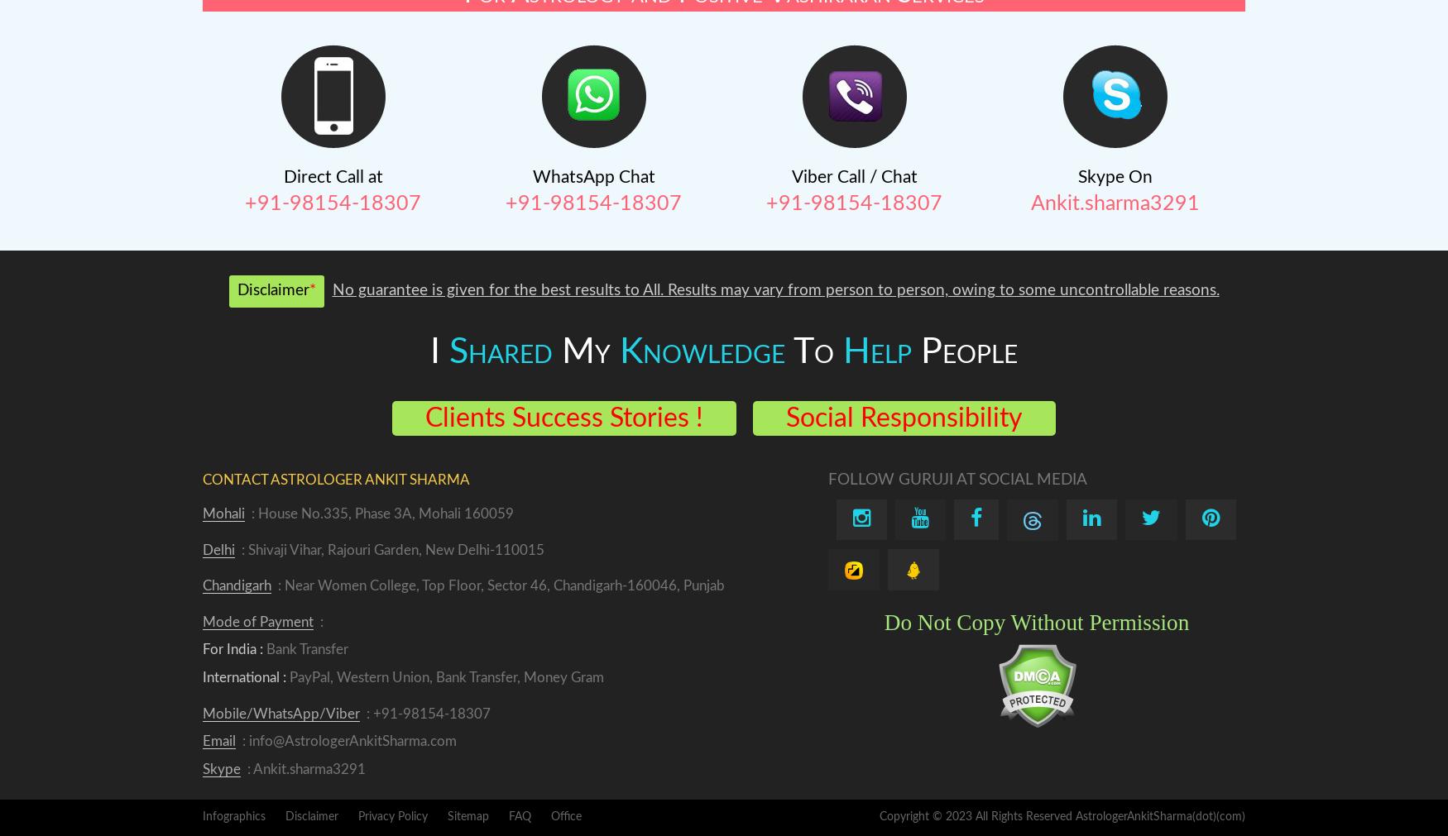  Describe the element at coordinates (232, 648) in the screenshot. I see `'For India :'` at that location.